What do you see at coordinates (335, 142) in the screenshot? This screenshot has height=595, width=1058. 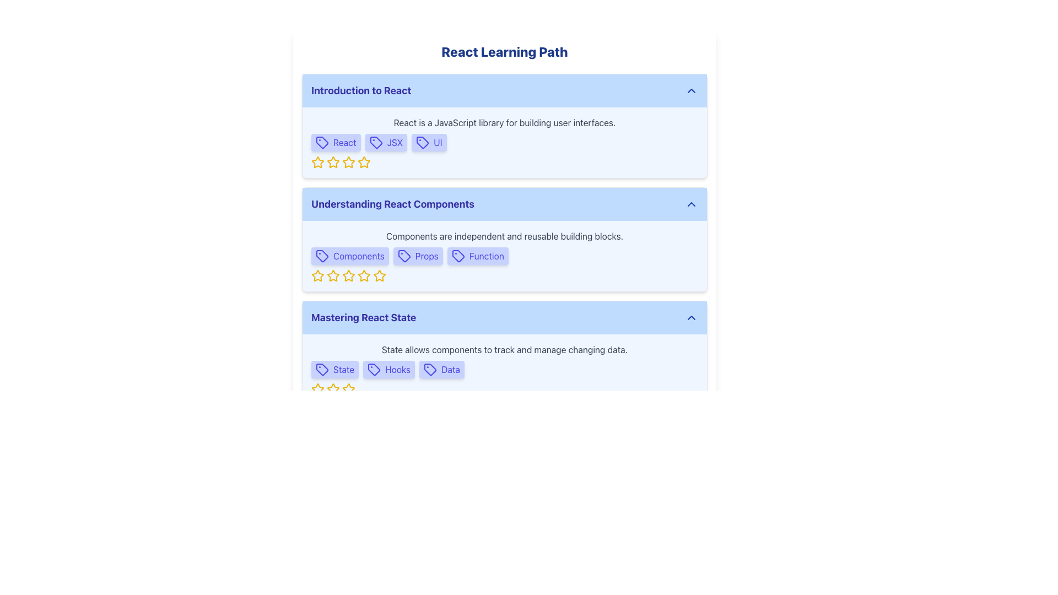 I see `the 'React' tag element that has a light indigo background and dark indigo text, accompanied by a tag icon, located in the 'Introduction to React' section` at bounding box center [335, 142].